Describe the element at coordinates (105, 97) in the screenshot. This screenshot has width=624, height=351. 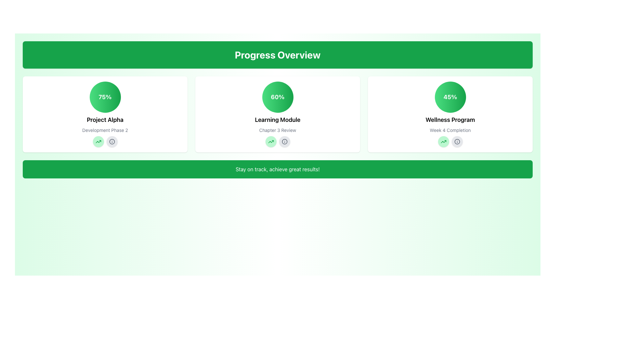
I see `the circular progress indicator representing 75% completion for Project Alpha, located in the leftmost card of the horizontal grid layout` at that location.